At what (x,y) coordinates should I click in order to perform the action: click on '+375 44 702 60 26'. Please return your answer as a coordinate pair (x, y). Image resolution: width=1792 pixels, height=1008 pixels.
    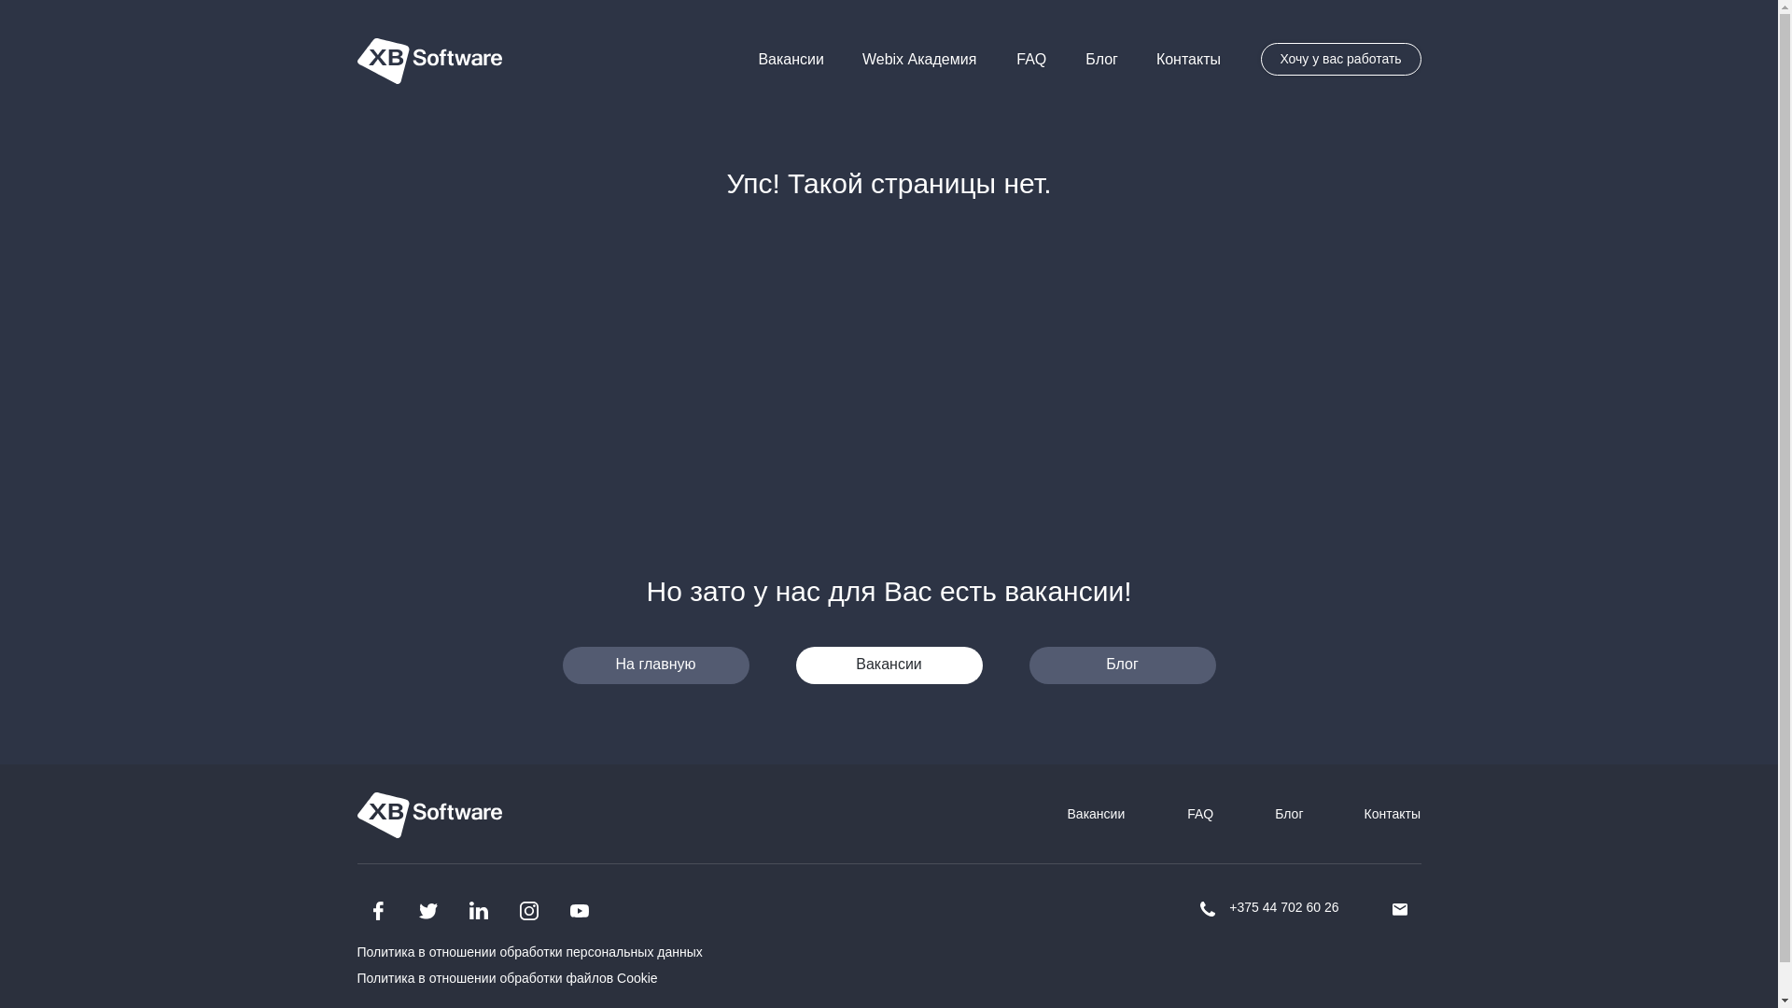
    Looking at the image, I should click on (1282, 906).